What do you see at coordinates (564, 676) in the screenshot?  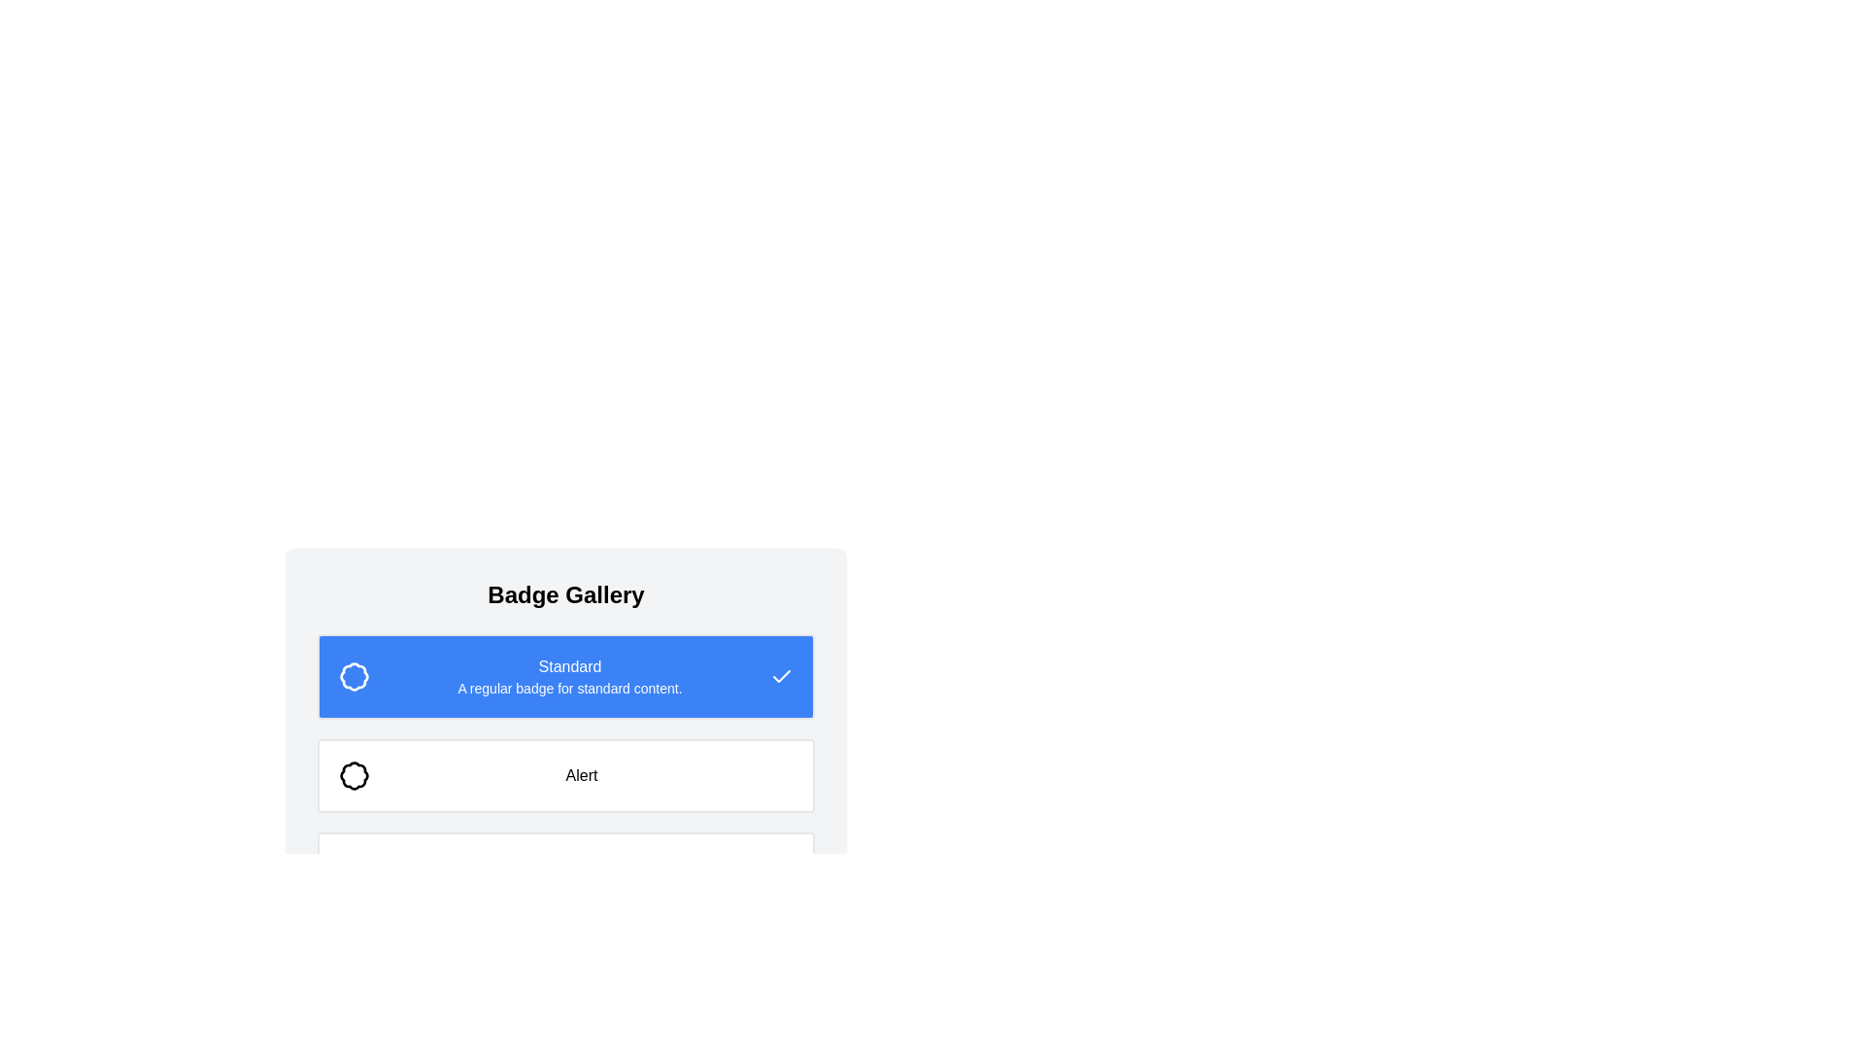 I see `the Informational badge with a blue background and the title 'Standard' that is positioned under the 'Badge Gallery' header` at bounding box center [564, 676].